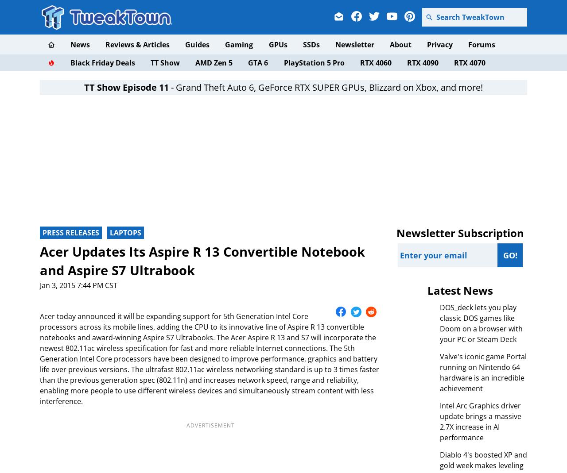 The height and width of the screenshot is (473, 567). What do you see at coordinates (422, 62) in the screenshot?
I see `'RTX 4090'` at bounding box center [422, 62].